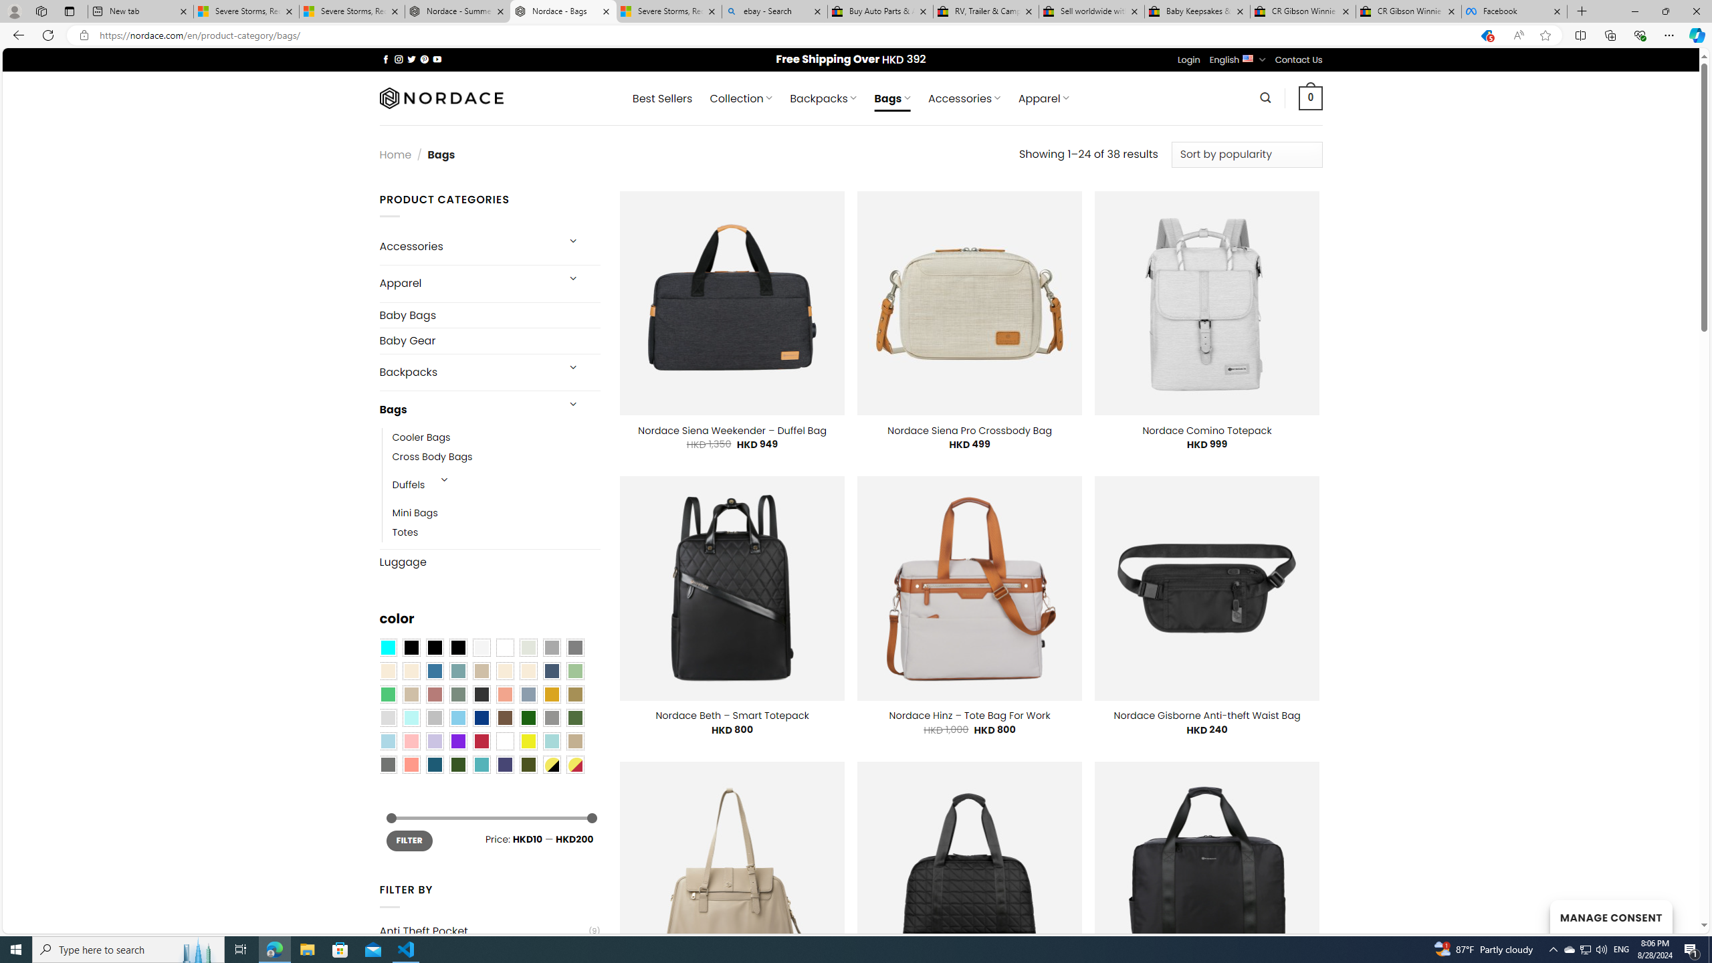 This screenshot has height=963, width=1712. I want to click on 'Pearly White', so click(480, 647).